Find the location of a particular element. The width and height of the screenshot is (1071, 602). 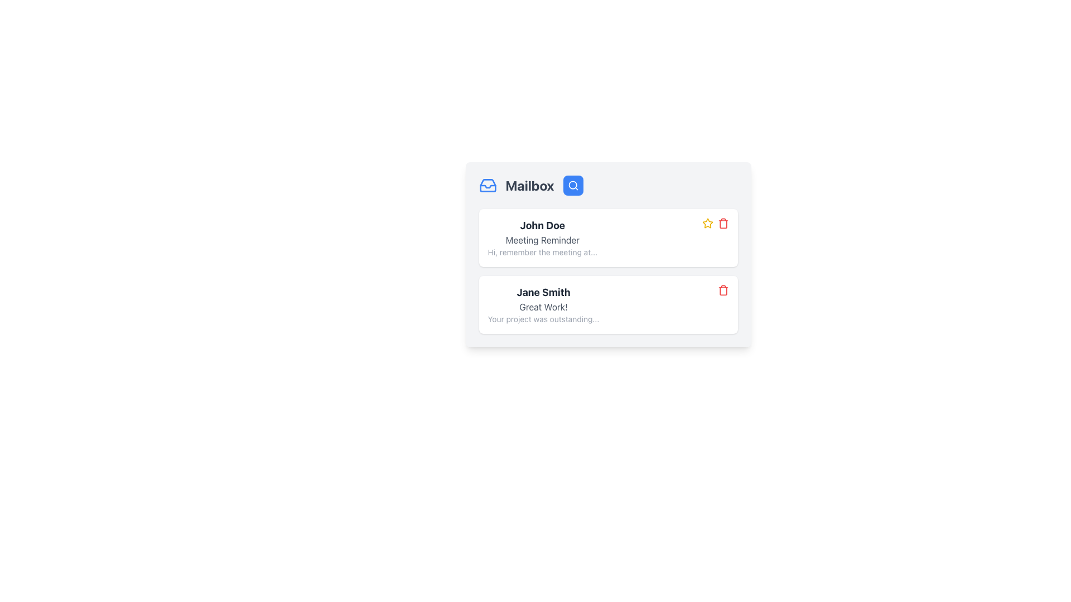

the circular graphic within the SVG icon that visually represents the search function, located in the horizontal toolbar at the top right of the interface is located at coordinates (572, 185).